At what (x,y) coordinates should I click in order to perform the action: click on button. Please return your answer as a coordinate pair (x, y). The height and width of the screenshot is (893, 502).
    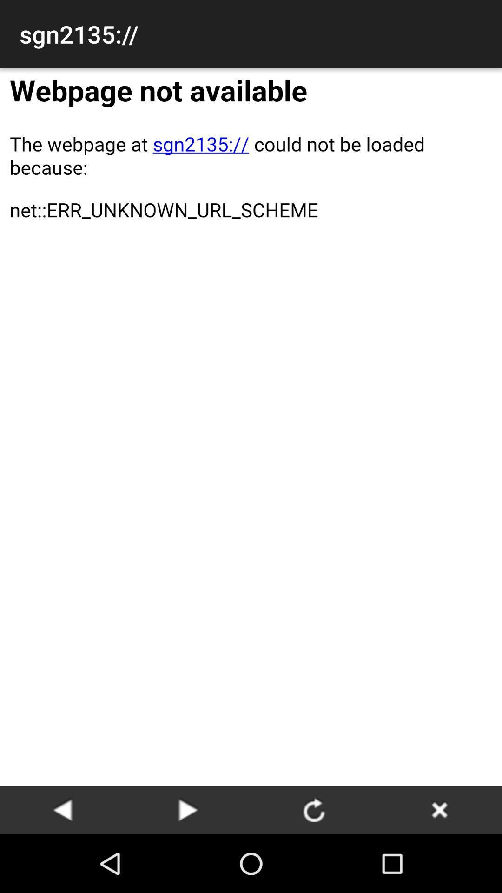
    Looking at the image, I should click on (439, 809).